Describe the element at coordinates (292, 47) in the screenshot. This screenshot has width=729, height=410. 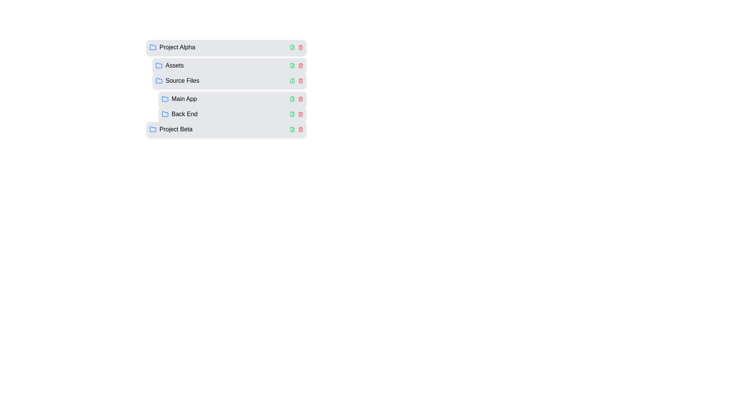
I see `the green file icon button with a plus sign located to the right of the 'Project Alpha' text` at that location.